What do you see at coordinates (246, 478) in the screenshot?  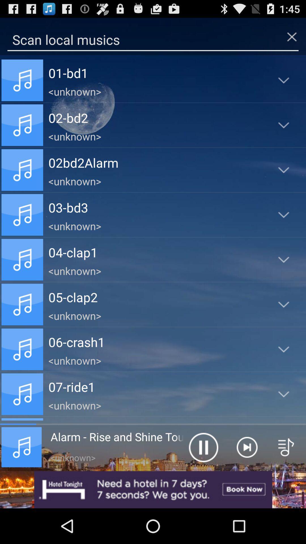 I see `the skip_next icon` at bounding box center [246, 478].